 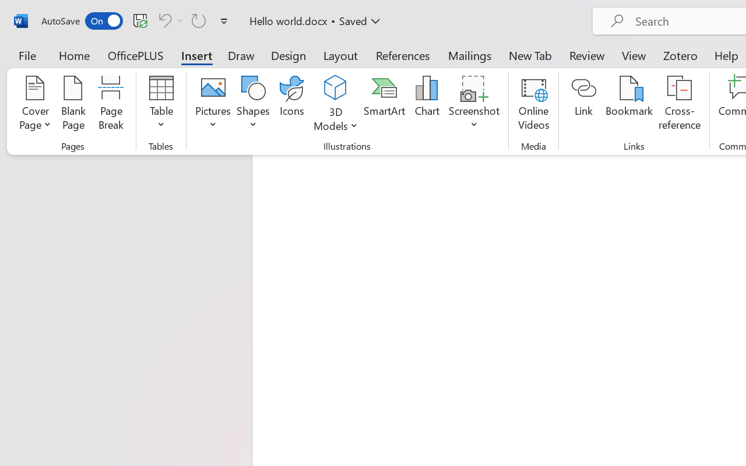 What do you see at coordinates (241, 55) in the screenshot?
I see `'Draw'` at bounding box center [241, 55].